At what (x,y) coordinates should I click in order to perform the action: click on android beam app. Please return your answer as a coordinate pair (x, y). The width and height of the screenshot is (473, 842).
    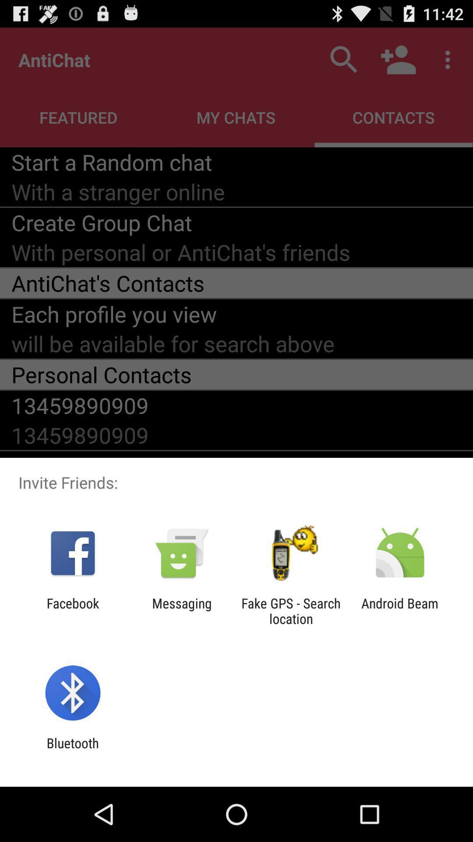
    Looking at the image, I should click on (400, 610).